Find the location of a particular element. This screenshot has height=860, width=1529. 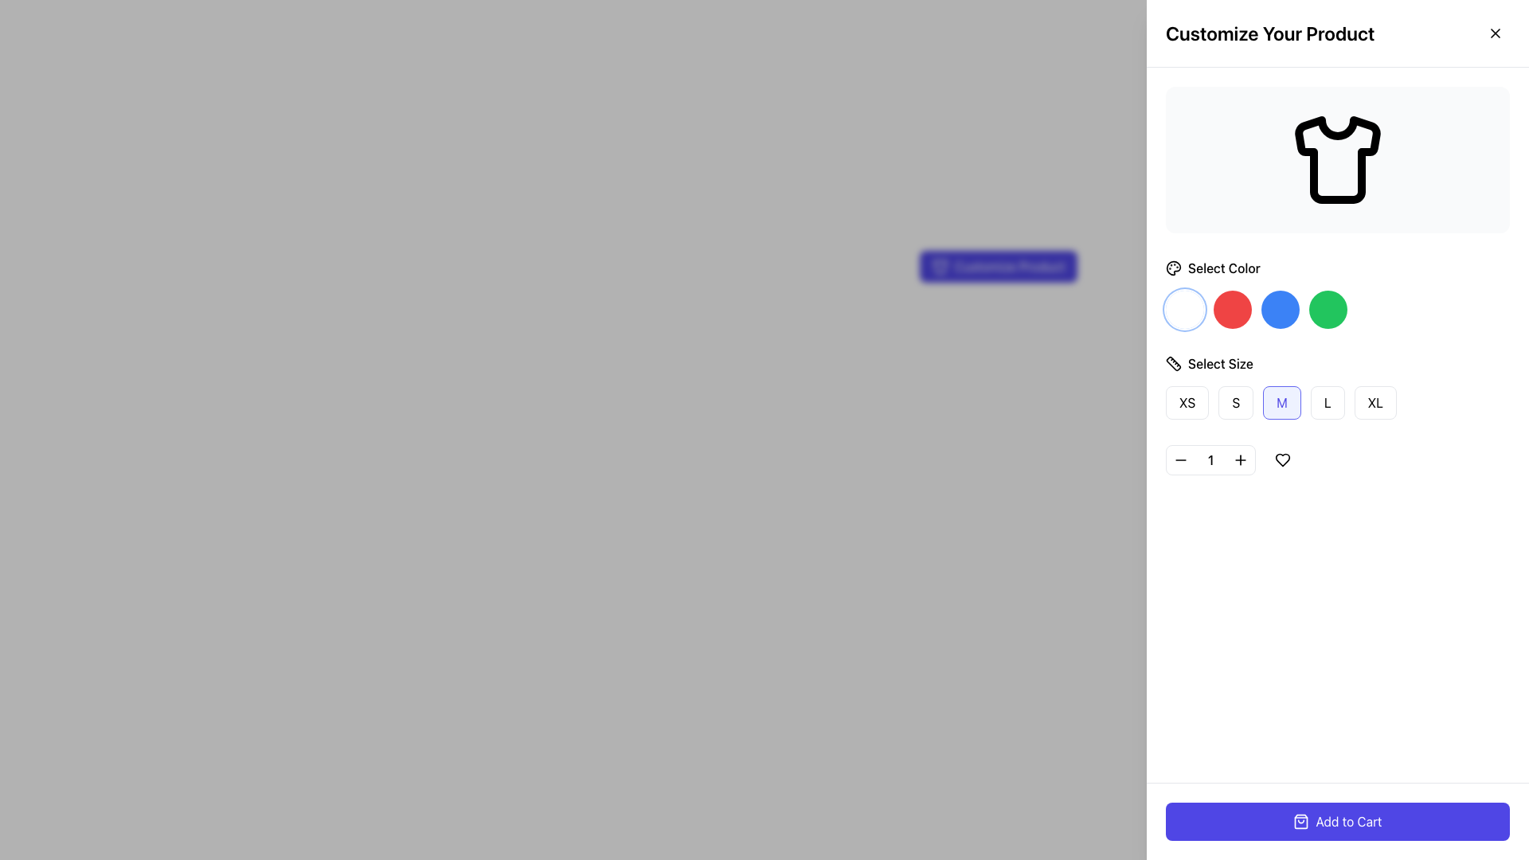

the bold primary heading displaying 'Customize Your Product', which is prominently placed at the top of the right-side panel is located at coordinates (1269, 33).